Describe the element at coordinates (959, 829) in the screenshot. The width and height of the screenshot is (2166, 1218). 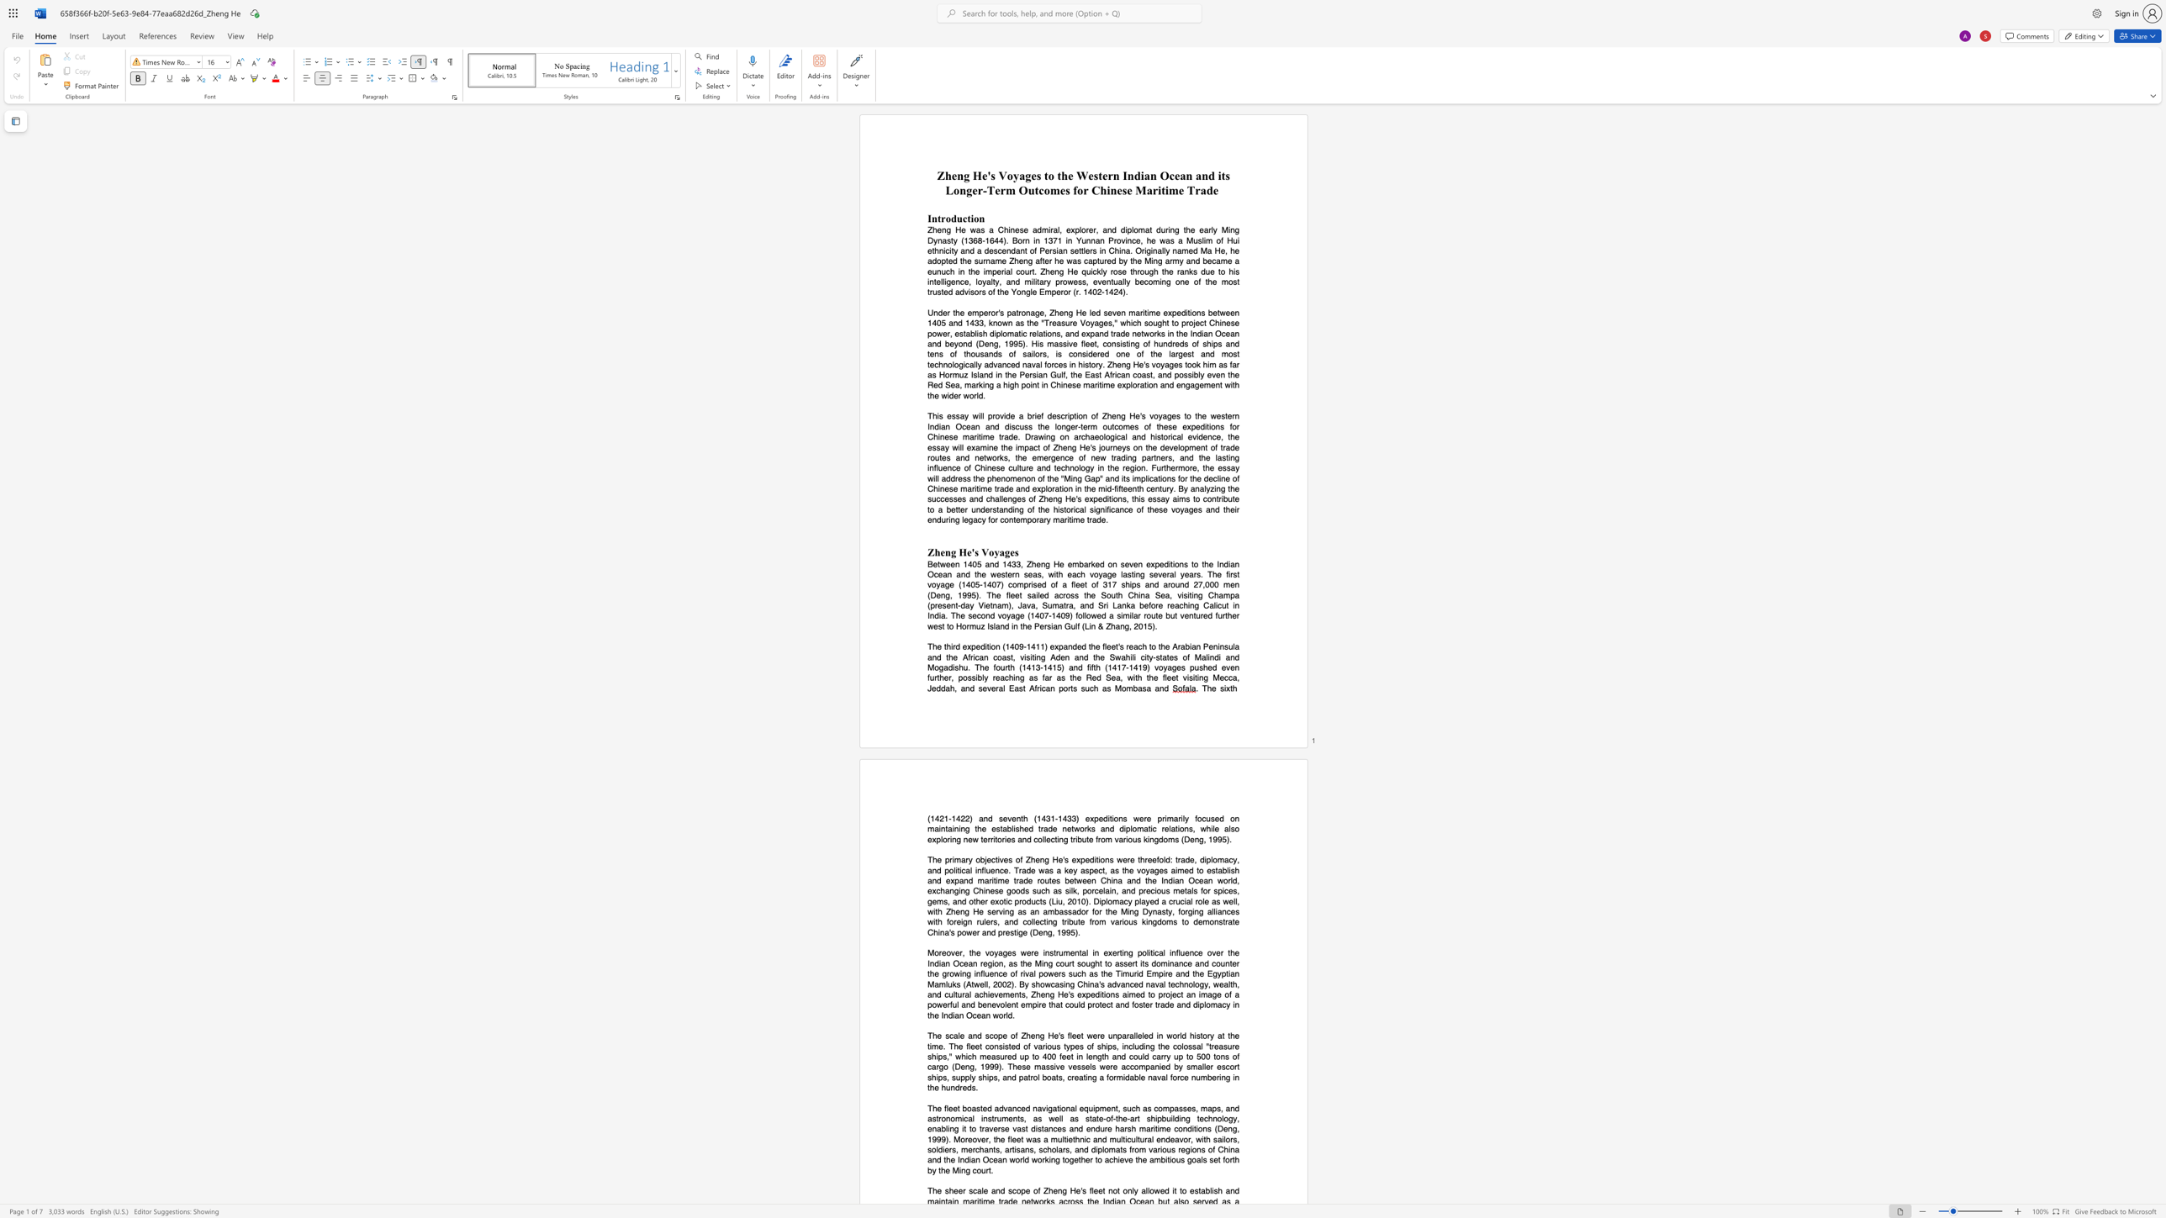
I see `the subset text "ng" within the text "maintaining"` at that location.